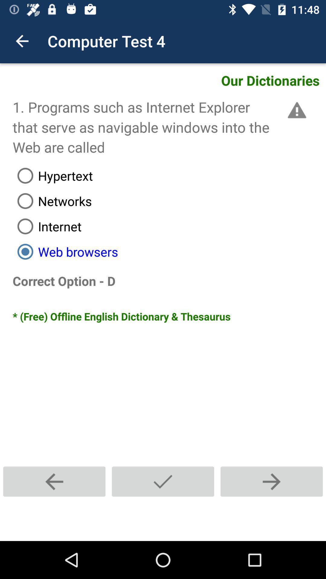 This screenshot has width=326, height=579. I want to click on item below our dictionaries icon, so click(296, 110).